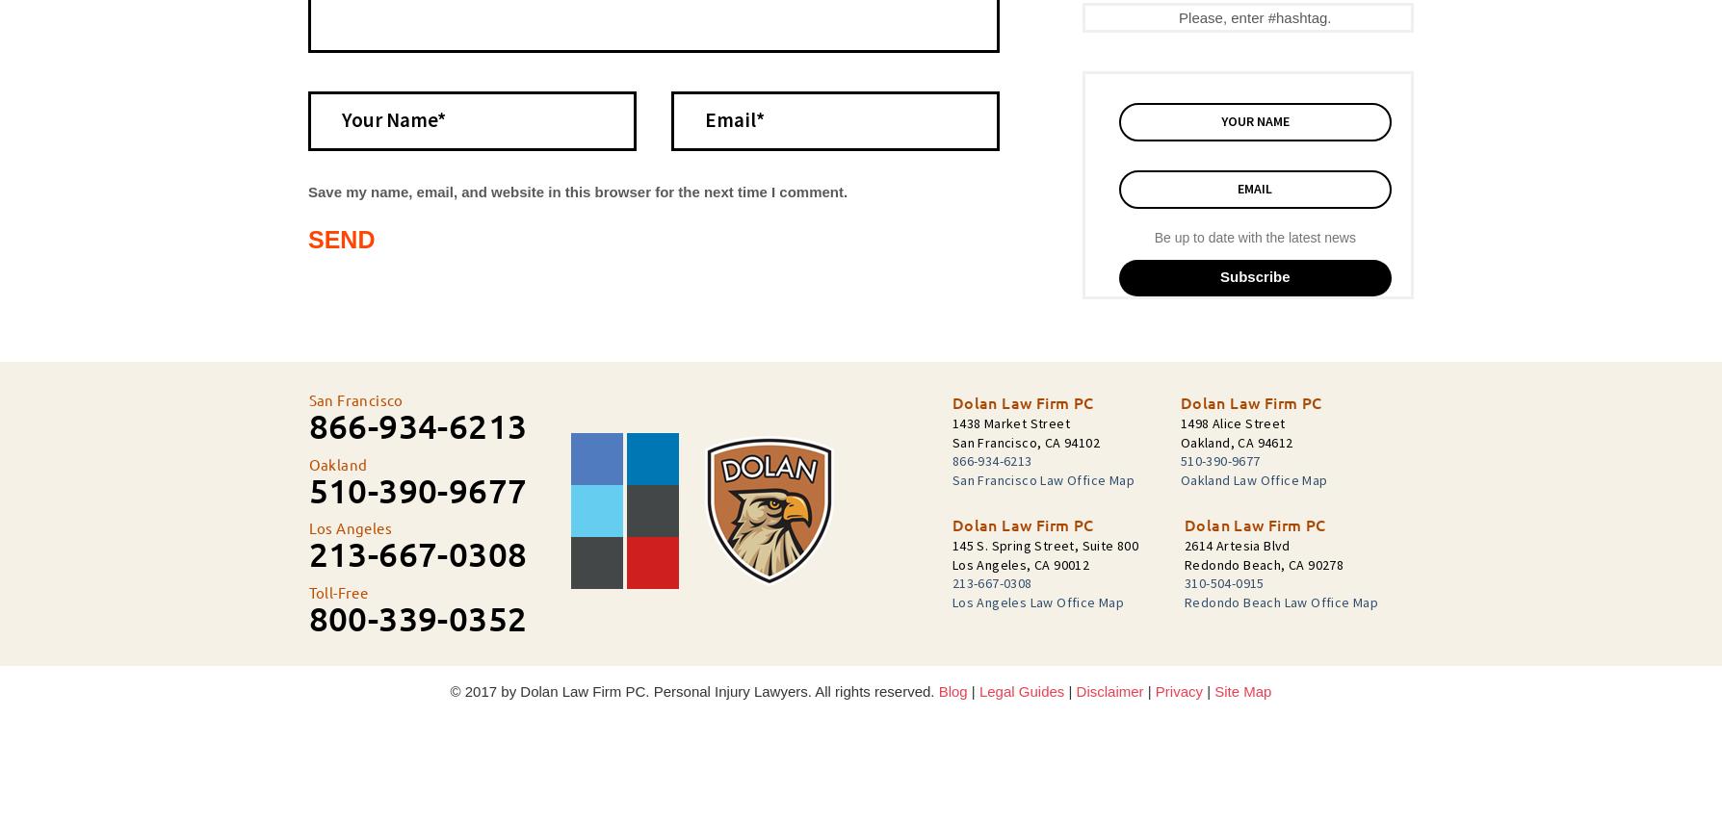 The width and height of the screenshot is (1722, 819). I want to click on 'Toll-Free', so click(336, 591).